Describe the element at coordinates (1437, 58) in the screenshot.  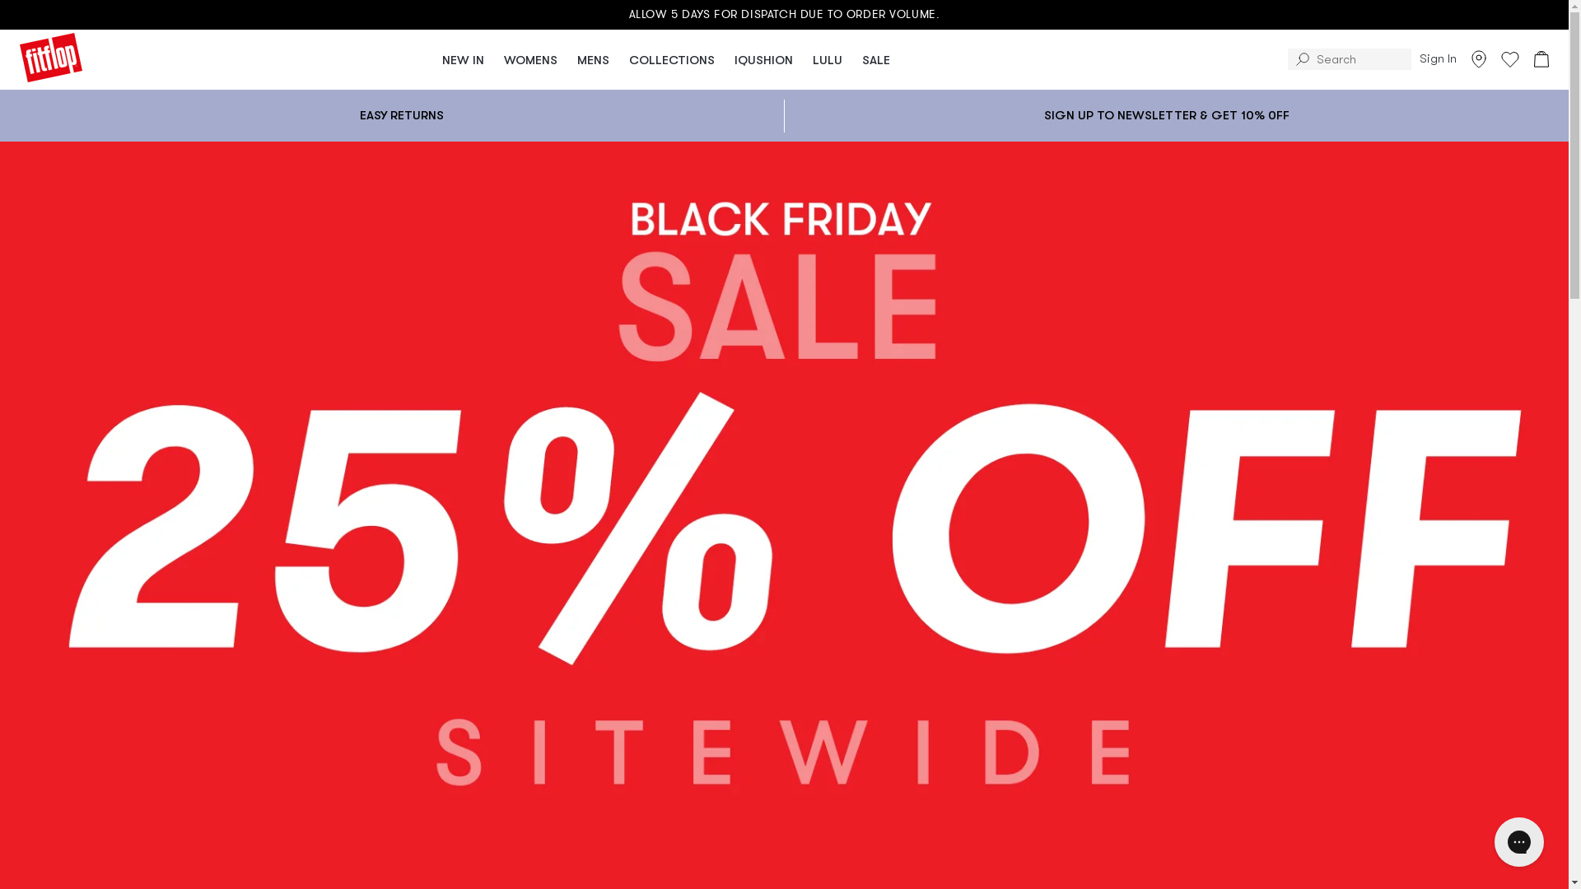
I see `'Sign In'` at that location.